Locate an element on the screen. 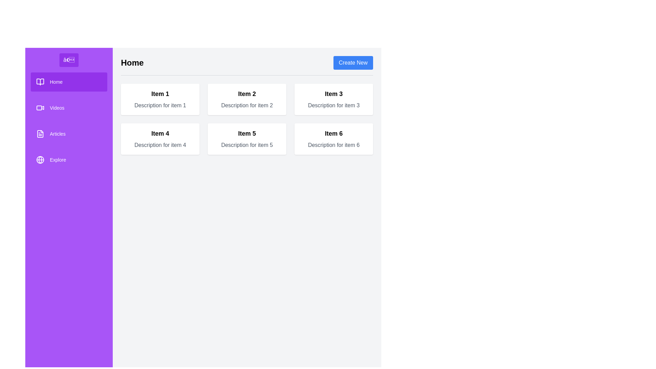 The height and width of the screenshot is (369, 656). the text label displaying 'Description for item 3' which is located below the bold title 'Item 3' within the content card in the top row, third column of the grid is located at coordinates (334, 105).